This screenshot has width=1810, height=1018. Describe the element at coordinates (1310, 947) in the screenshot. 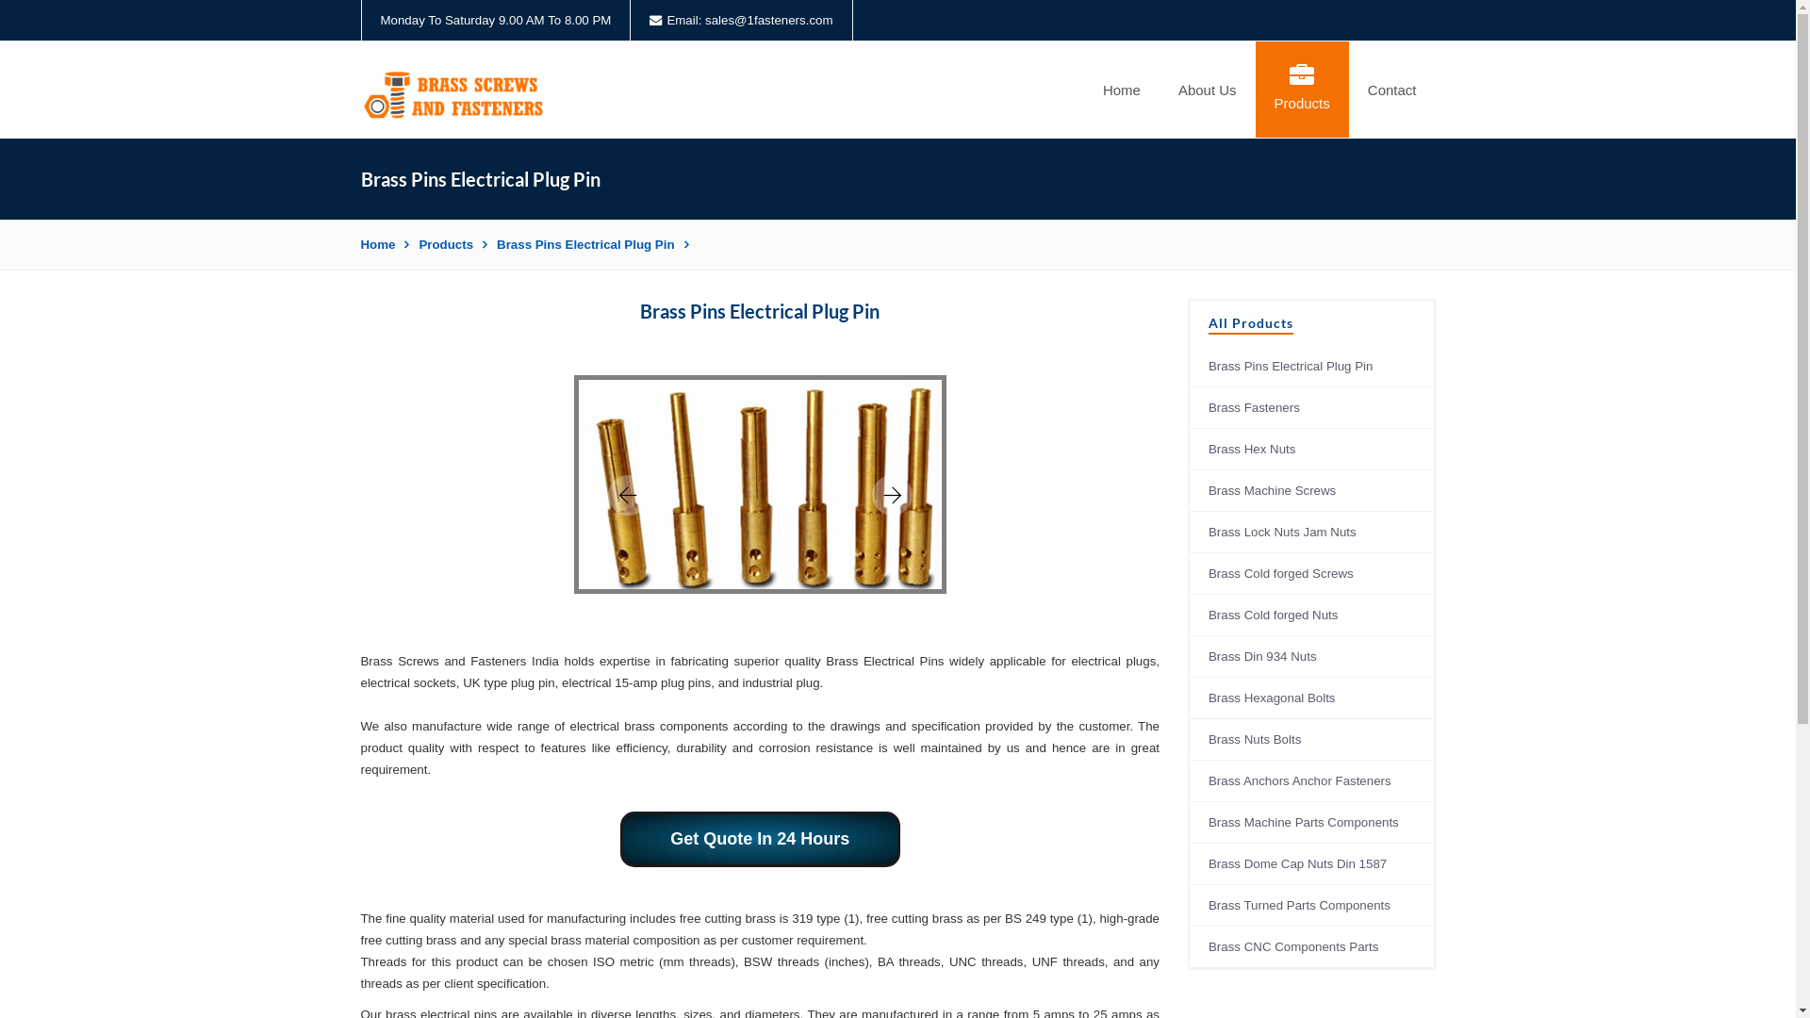

I see `'Brass CNC Components Parts'` at that location.